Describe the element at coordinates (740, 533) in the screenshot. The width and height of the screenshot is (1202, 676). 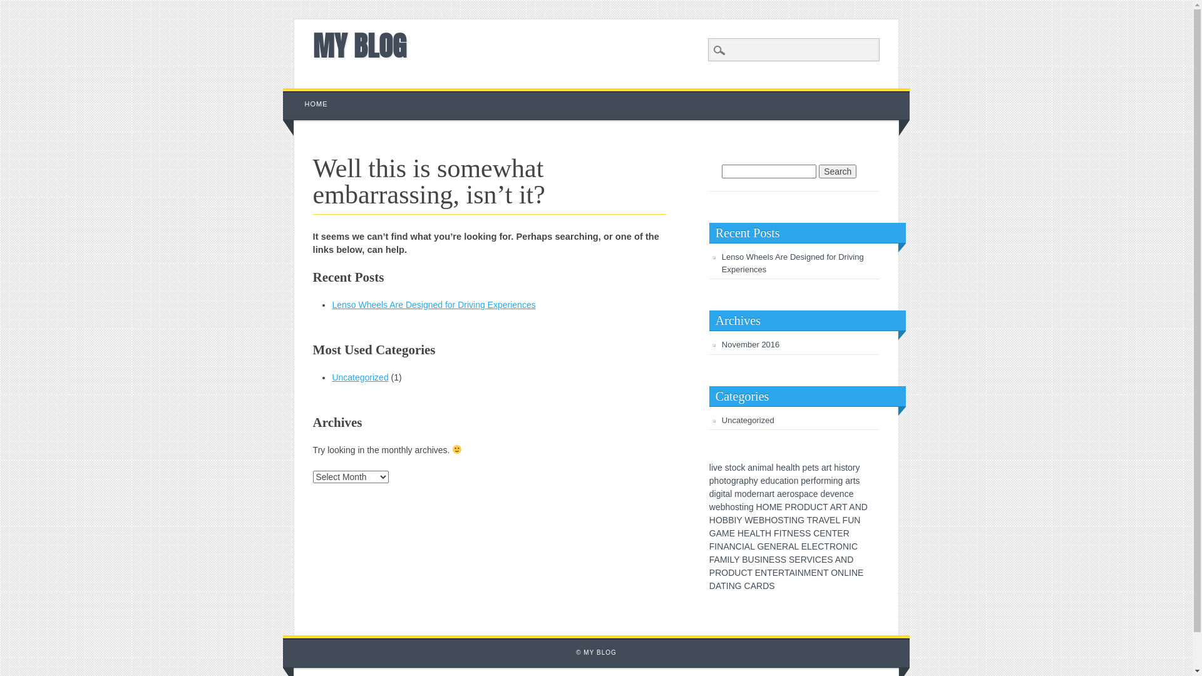
I see `'H'` at that location.